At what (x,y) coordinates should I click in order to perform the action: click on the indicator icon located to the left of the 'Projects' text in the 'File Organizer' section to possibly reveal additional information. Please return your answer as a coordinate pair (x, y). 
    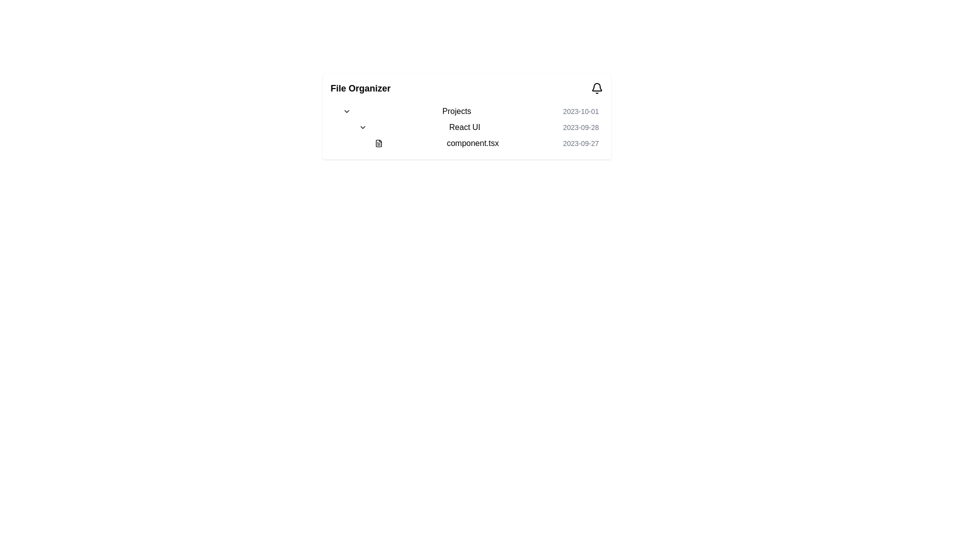
    Looking at the image, I should click on (346, 111).